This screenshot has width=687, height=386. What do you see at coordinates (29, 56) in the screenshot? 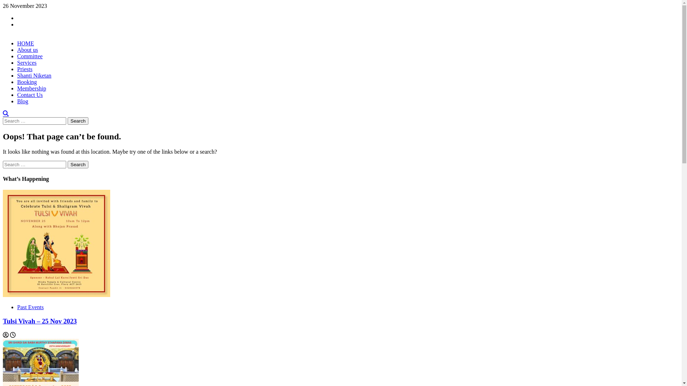
I see `'Committee'` at bounding box center [29, 56].